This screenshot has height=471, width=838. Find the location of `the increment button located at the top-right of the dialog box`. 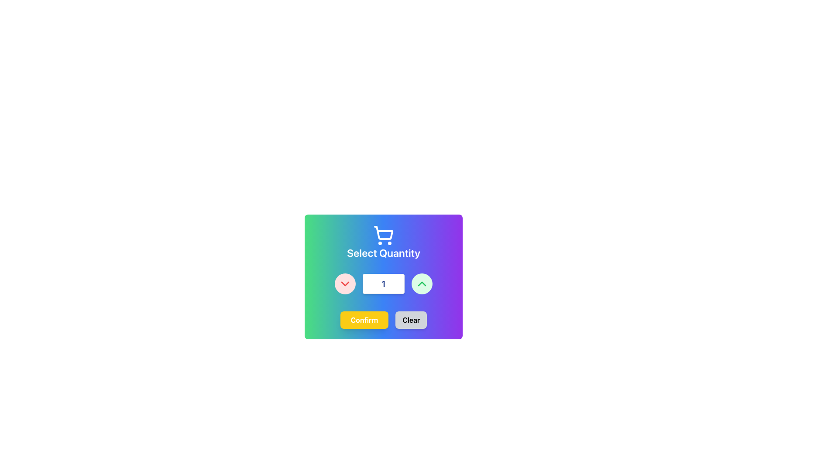

the increment button located at the top-right of the dialog box is located at coordinates (422, 284).